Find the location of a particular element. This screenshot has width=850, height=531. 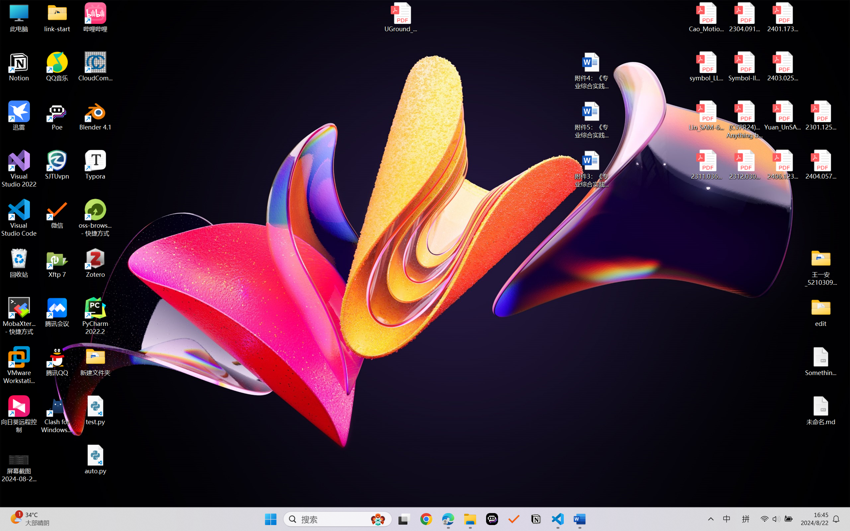

'Xftp 7' is located at coordinates (57, 263).